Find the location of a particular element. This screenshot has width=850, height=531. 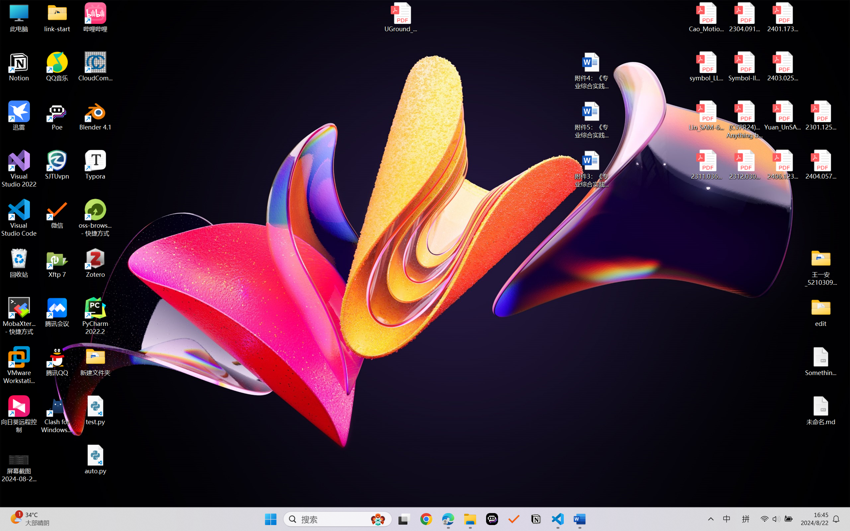

'Xftp 7' is located at coordinates (57, 263).